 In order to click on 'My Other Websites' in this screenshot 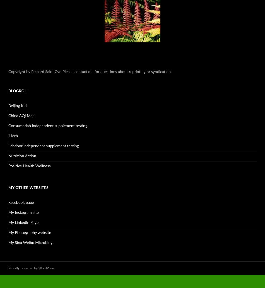, I will do `click(28, 187)`.